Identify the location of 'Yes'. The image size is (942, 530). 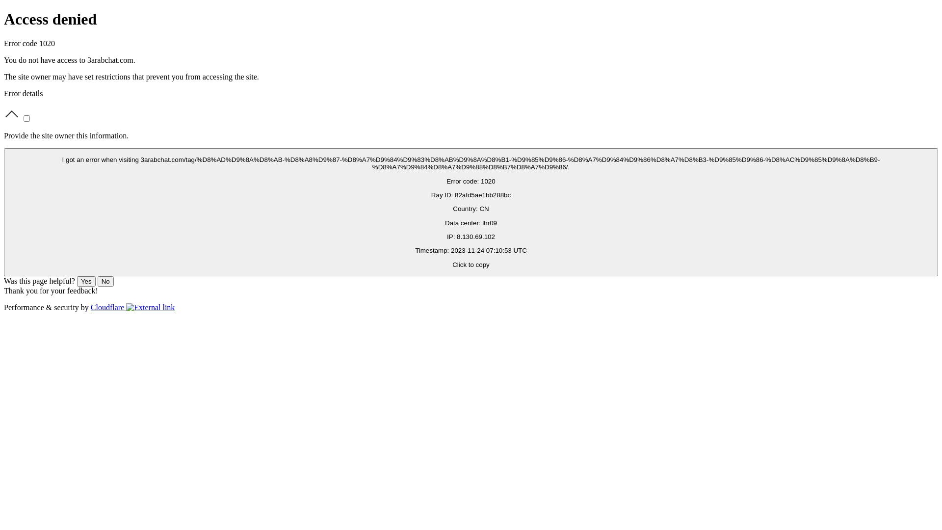
(86, 281).